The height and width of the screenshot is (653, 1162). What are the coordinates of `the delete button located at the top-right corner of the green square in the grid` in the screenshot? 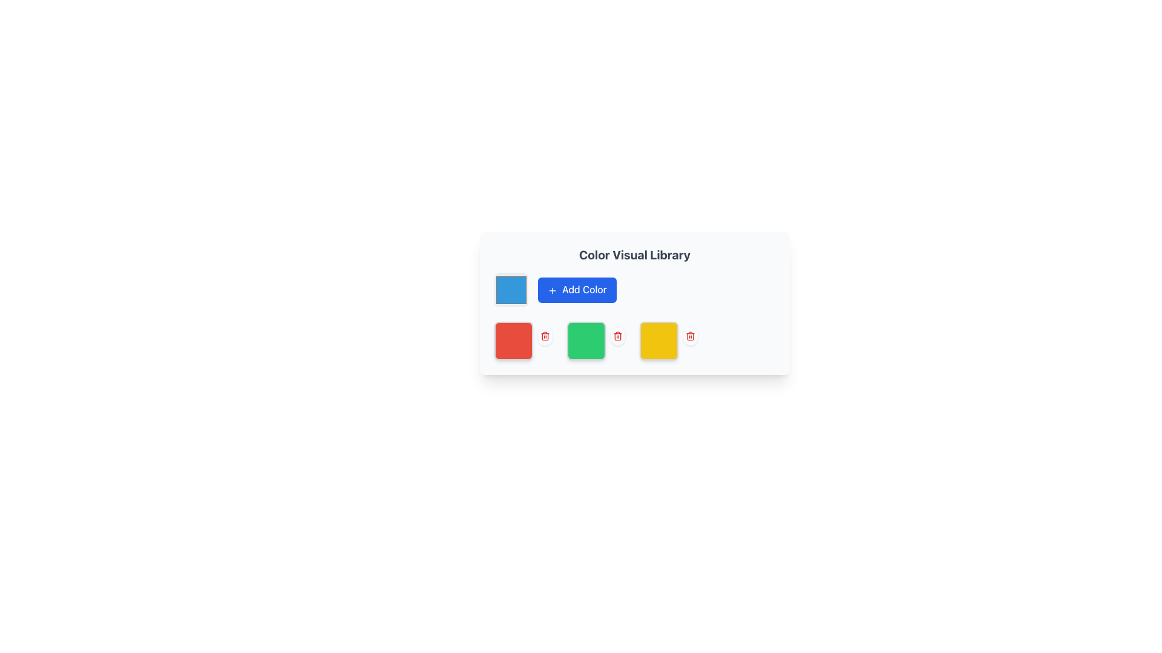 It's located at (618, 336).